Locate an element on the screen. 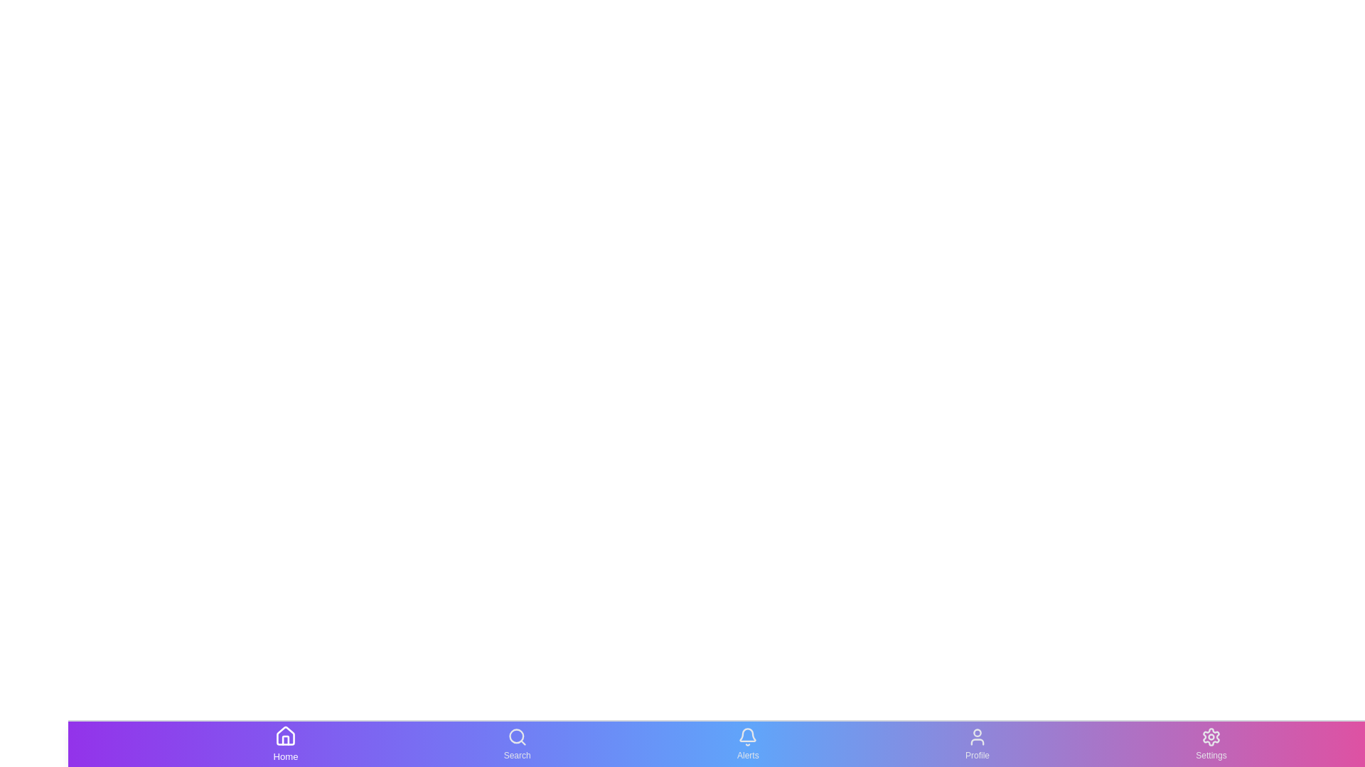 This screenshot has height=767, width=1365. the Settings icon to preview its hover effect is located at coordinates (1210, 744).